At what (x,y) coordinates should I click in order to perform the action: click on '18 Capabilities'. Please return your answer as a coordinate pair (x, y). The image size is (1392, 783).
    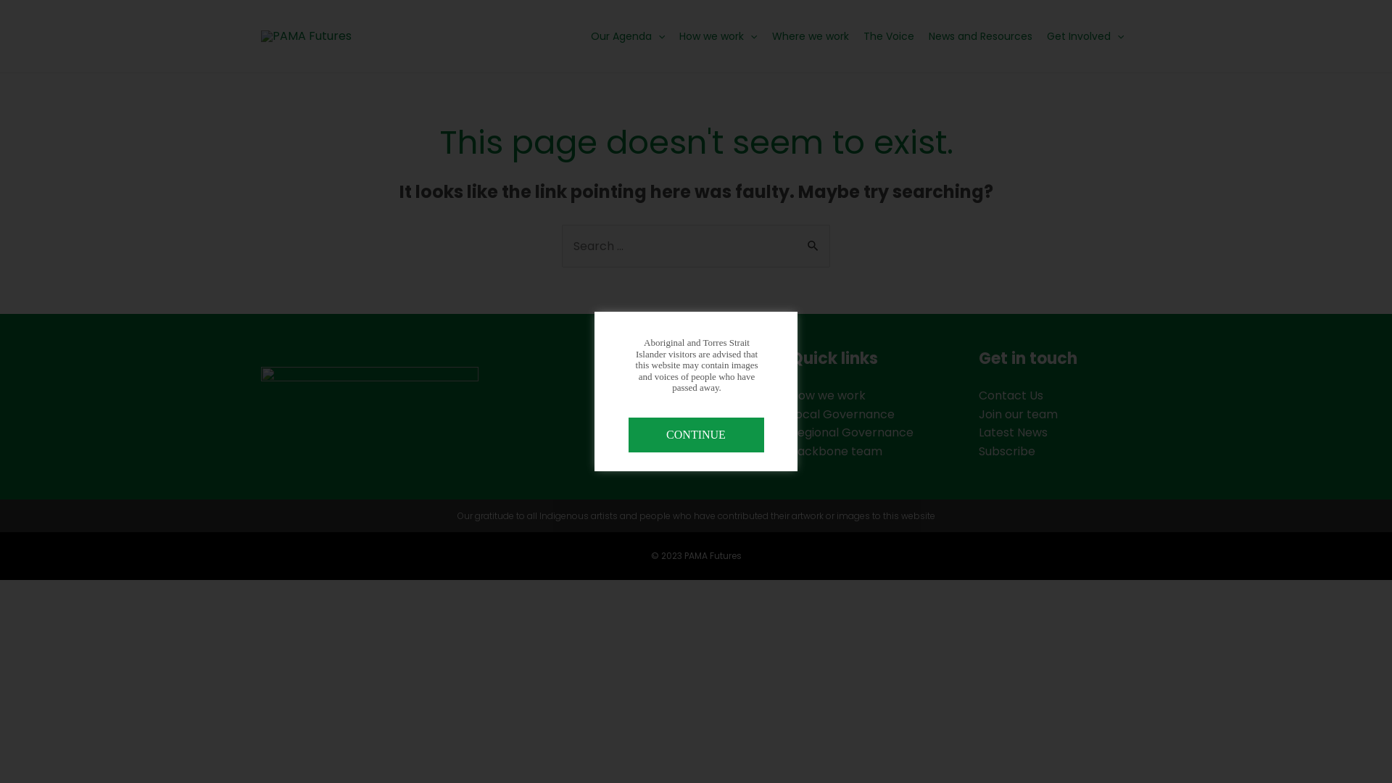
    Looking at the image, I should click on (641, 450).